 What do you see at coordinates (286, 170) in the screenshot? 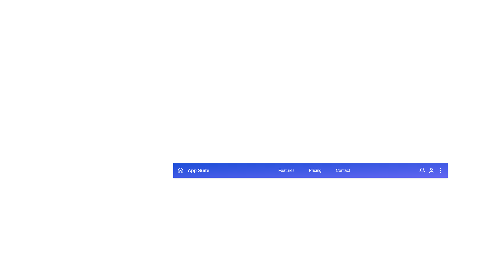
I see `the 'Features' button to navigate to the features section` at bounding box center [286, 170].